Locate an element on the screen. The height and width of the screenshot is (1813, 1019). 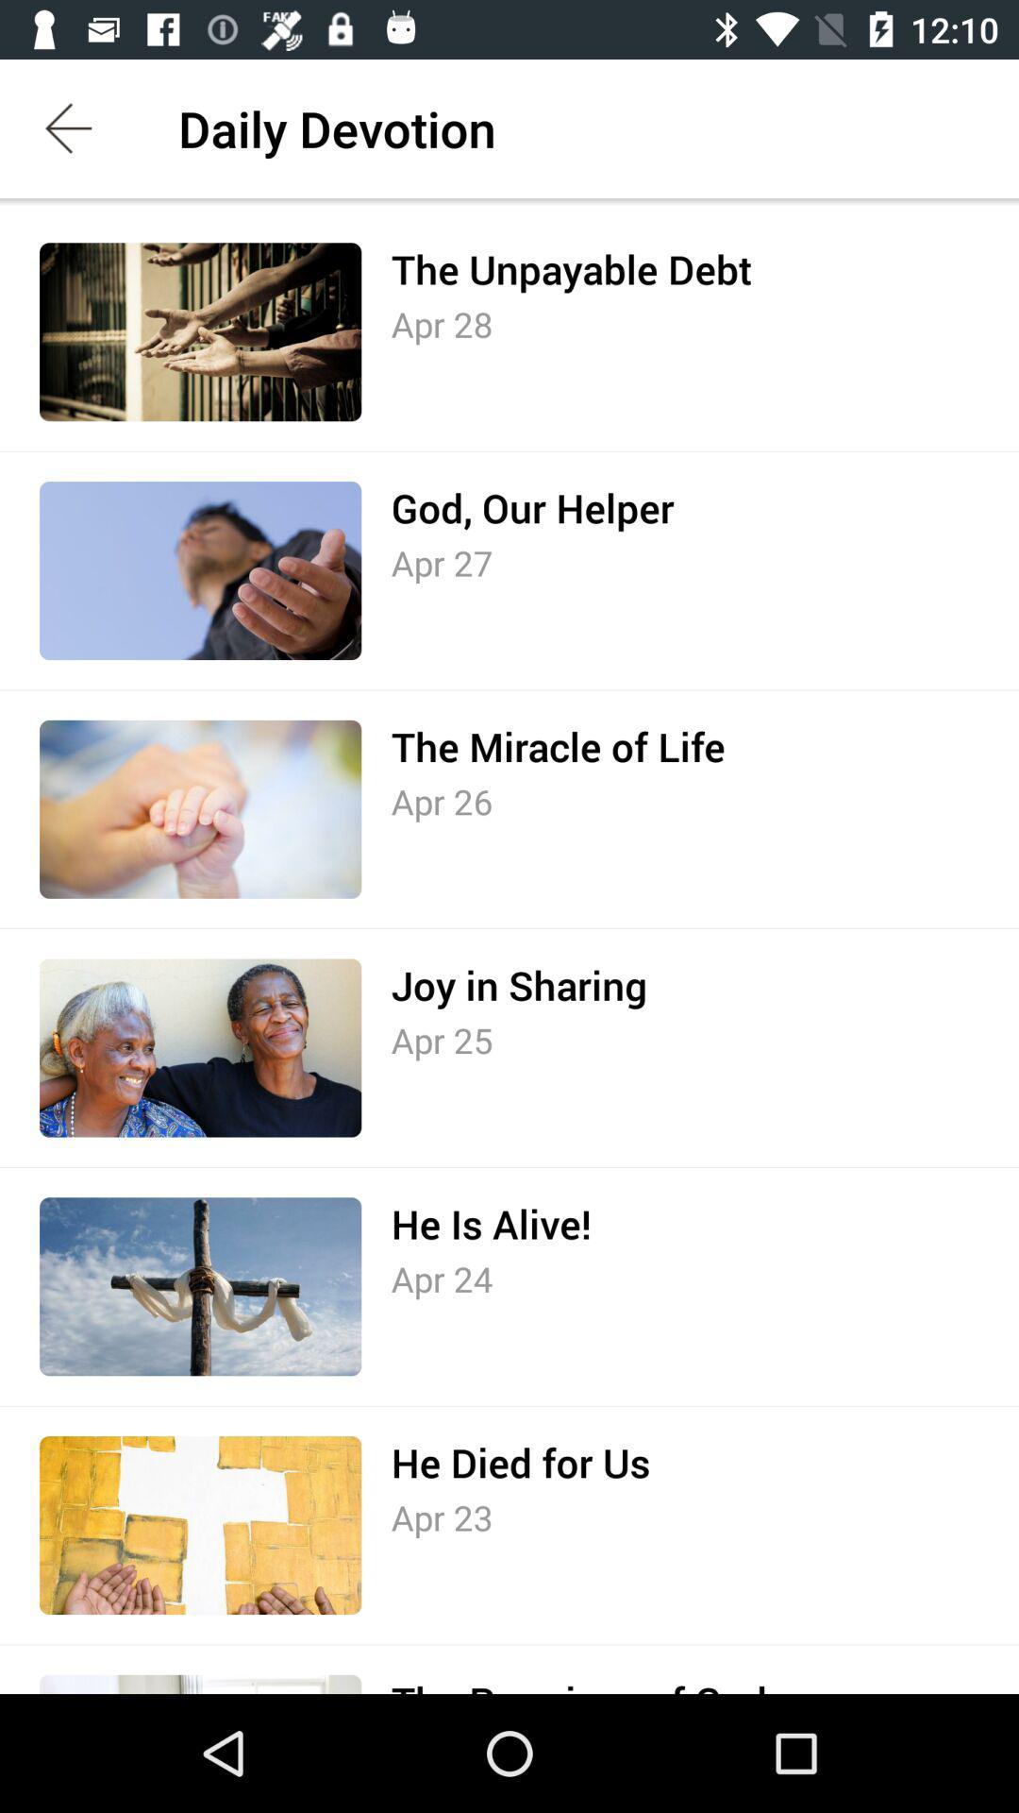
he died for is located at coordinates (520, 1462).